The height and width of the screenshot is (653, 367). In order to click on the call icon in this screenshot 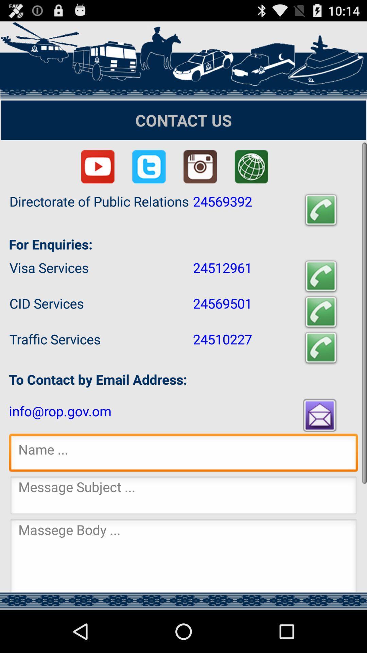, I will do `click(321, 334)`.